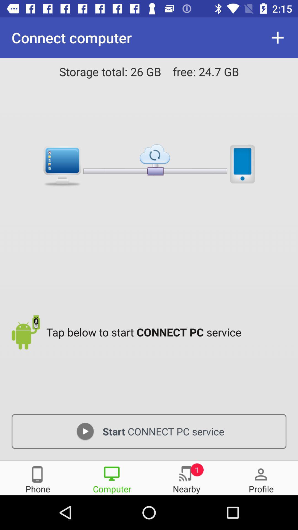 This screenshot has height=530, width=298. I want to click on the tap below to, so click(167, 332).